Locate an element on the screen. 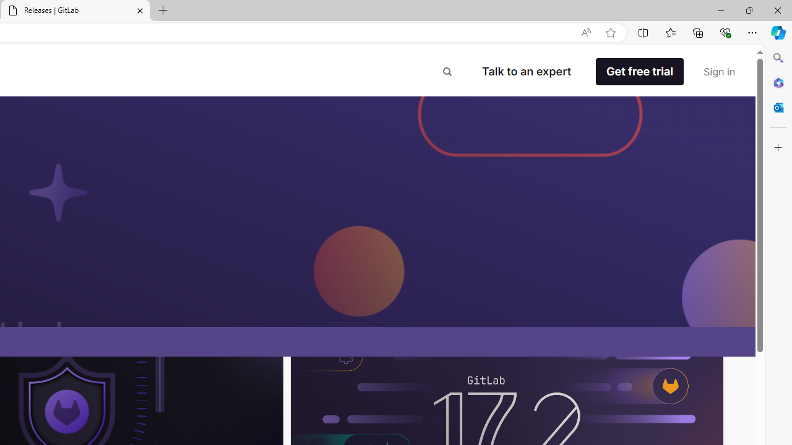 The height and width of the screenshot is (445, 792). 'Sign in' is located at coordinates (719, 71).